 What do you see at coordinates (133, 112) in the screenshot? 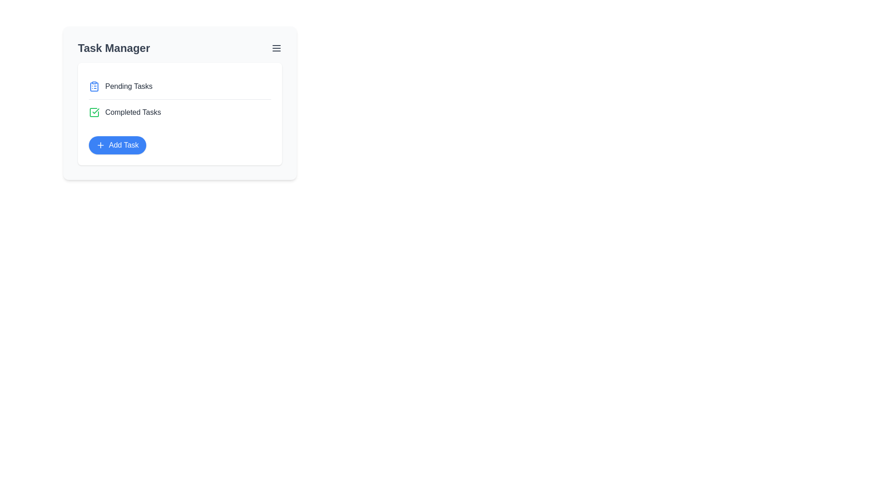
I see `the 'Completed Tasks' list item` at bounding box center [133, 112].